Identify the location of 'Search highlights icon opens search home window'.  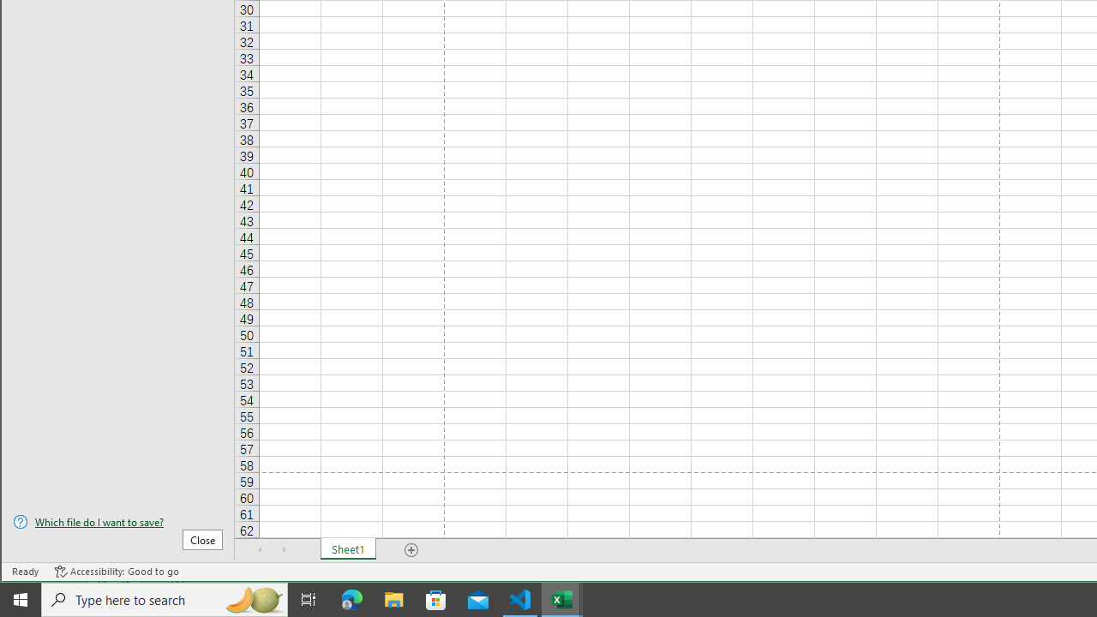
(252, 598).